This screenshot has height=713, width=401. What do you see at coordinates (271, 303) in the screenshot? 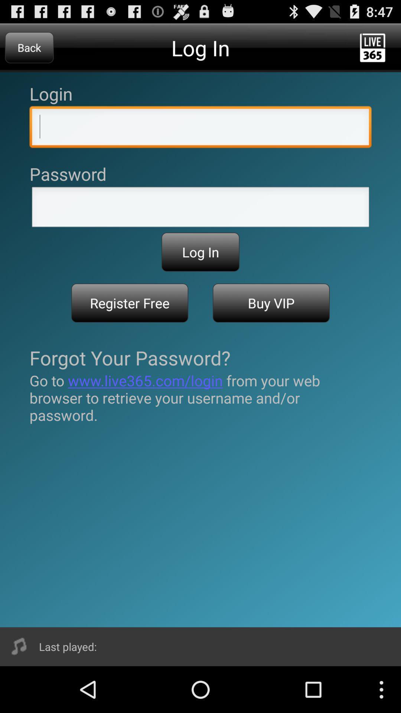
I see `item below log in` at bounding box center [271, 303].